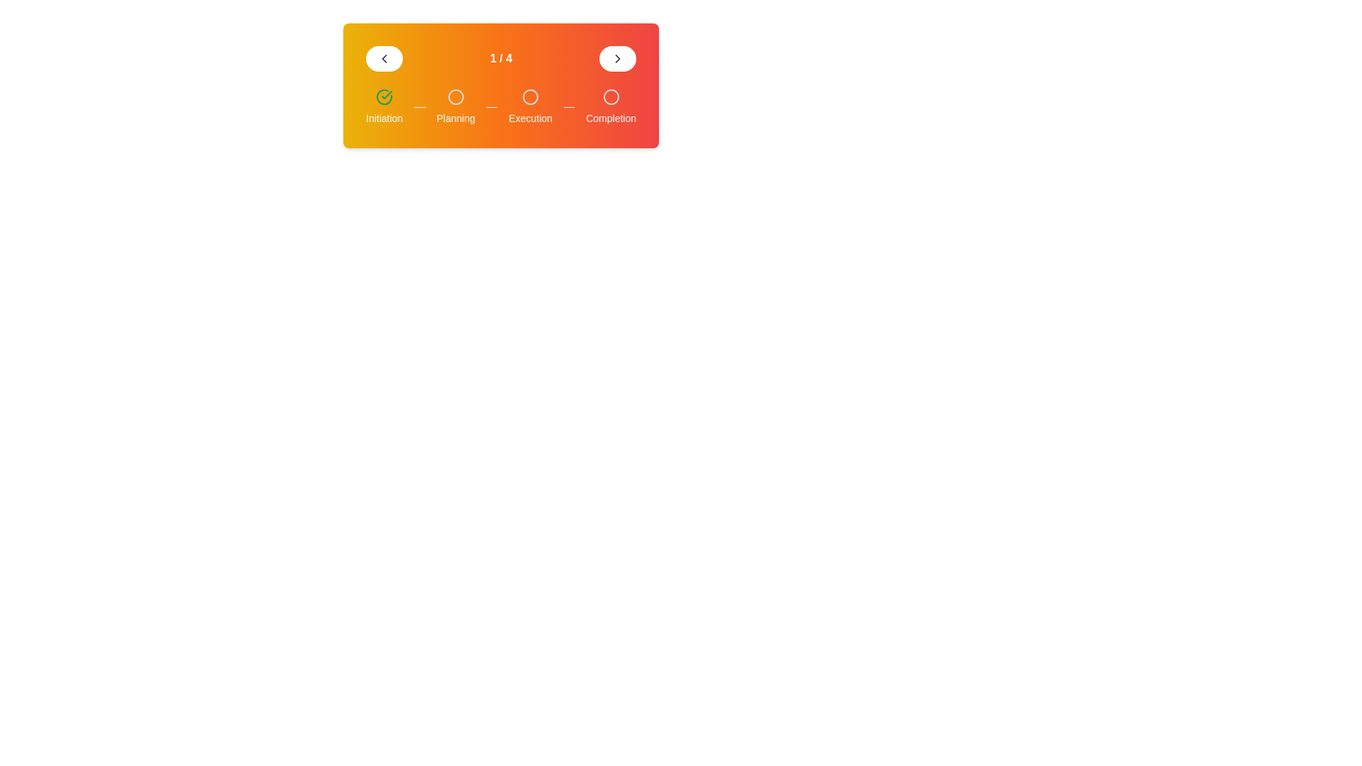  What do you see at coordinates (569, 106) in the screenshot?
I see `the horizontal separator line located between the 'Execution' and 'Completion' icons in the process indicator sequence` at bounding box center [569, 106].